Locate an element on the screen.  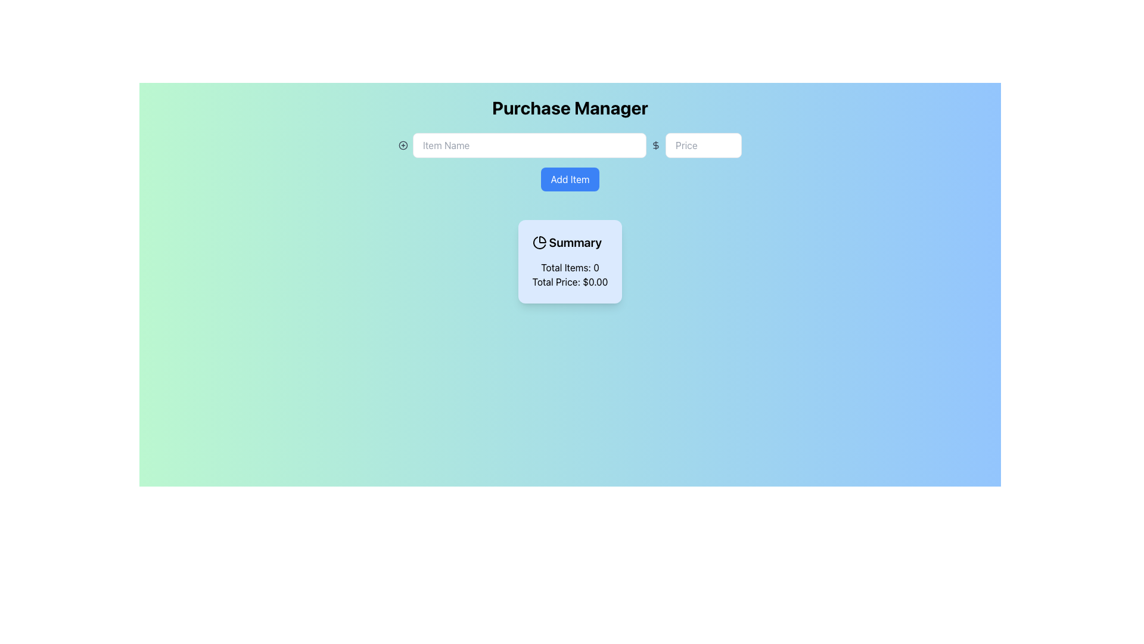
the dollar sign icon located immediately to the left of the 'Price' input field, which indicates the monetary nature of the adjacent input field is located at coordinates (655, 144).